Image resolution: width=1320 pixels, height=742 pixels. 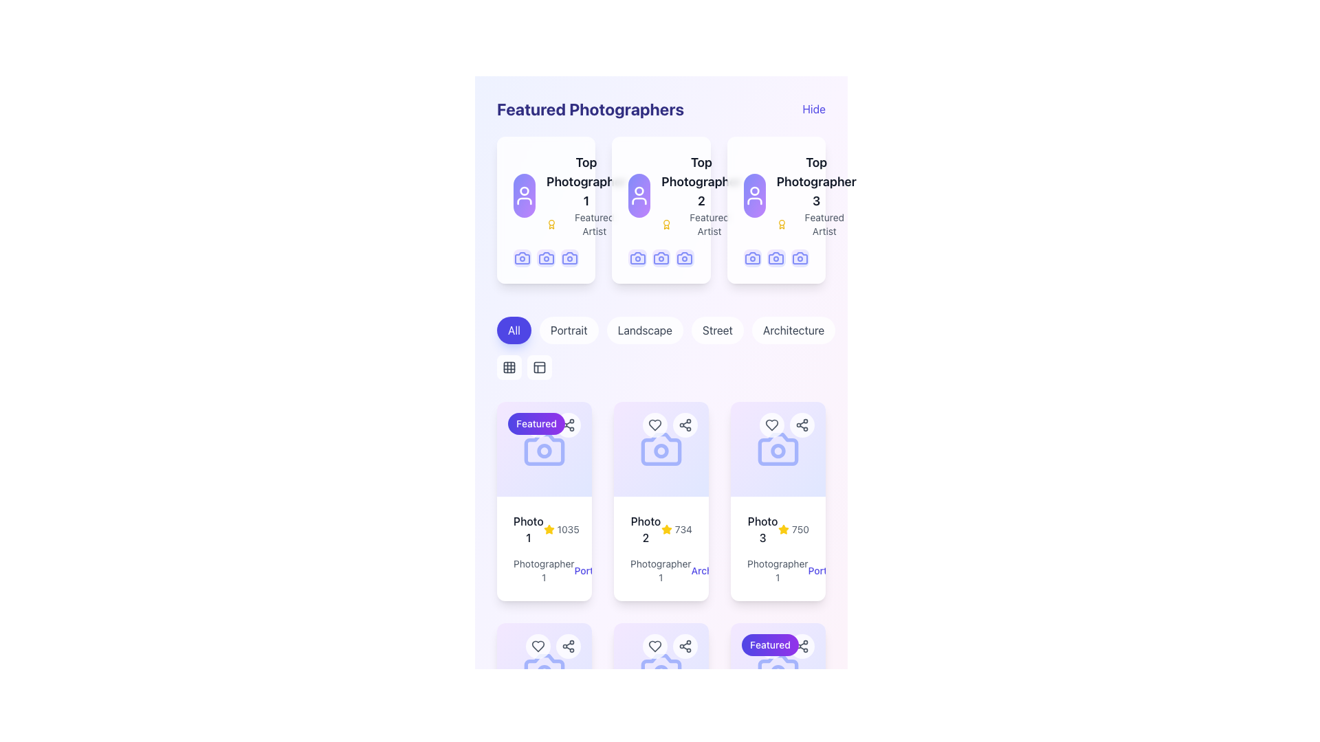 I want to click on the yellow star icon used for rating, located in the content card labeled 'Photo 3' adjacent to the number '750', so click(x=784, y=529).